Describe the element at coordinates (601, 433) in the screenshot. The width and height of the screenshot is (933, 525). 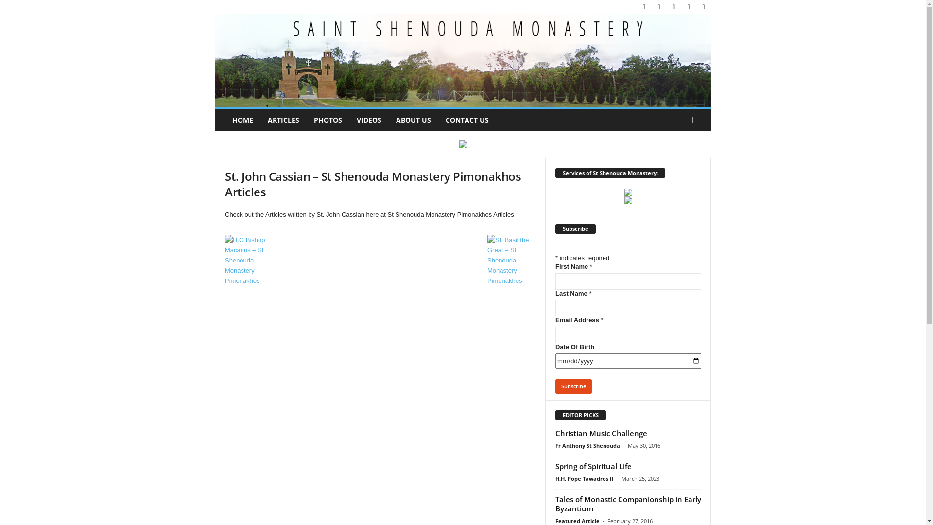
I see `'Christian Music Challenge'` at that location.